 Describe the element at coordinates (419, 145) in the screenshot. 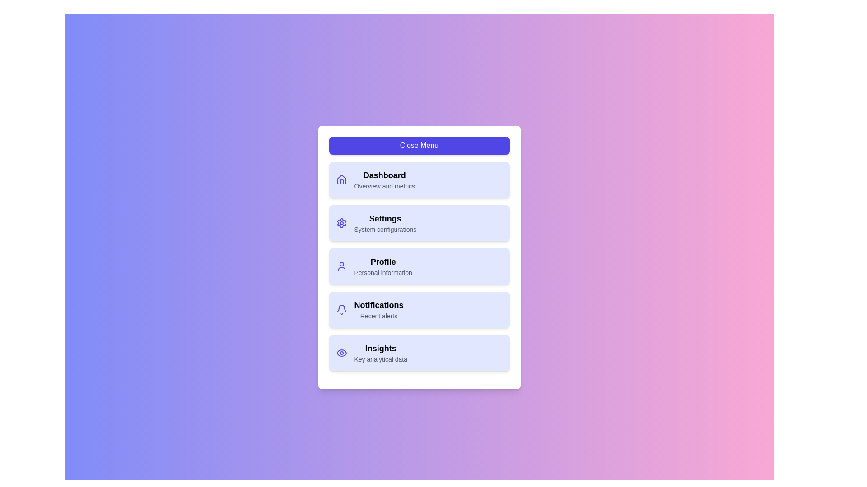

I see `the 'Close Menu' button to toggle the menu state` at that location.